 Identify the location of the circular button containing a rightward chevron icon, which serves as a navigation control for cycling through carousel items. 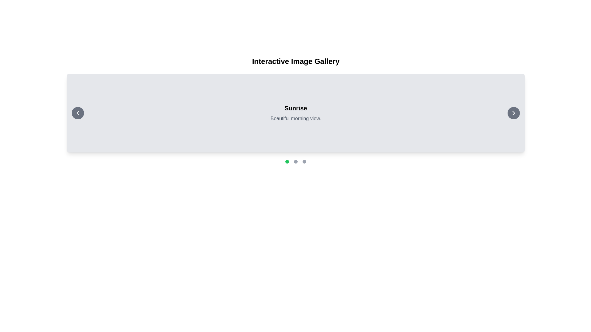
(514, 113).